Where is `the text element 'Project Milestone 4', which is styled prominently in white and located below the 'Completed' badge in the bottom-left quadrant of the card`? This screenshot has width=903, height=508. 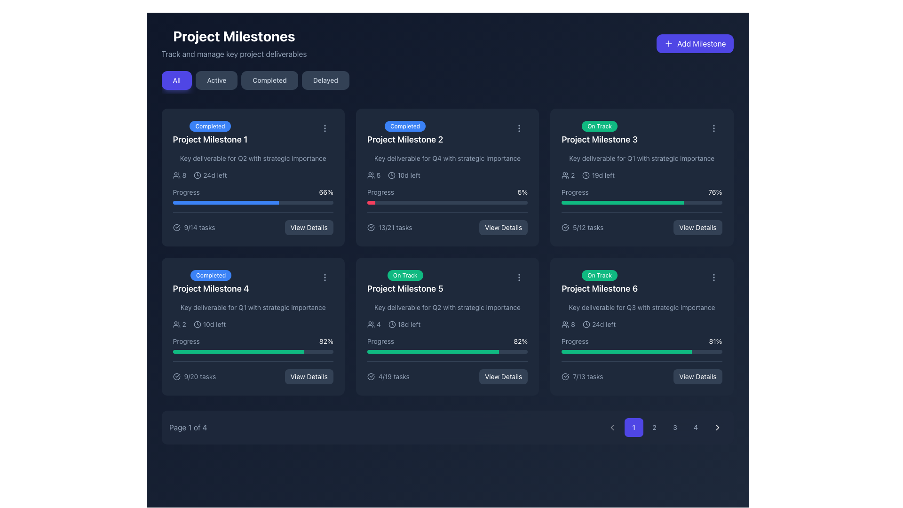 the text element 'Project Milestone 4', which is styled prominently in white and located below the 'Completed' badge in the bottom-left quadrant of the card is located at coordinates (210, 288).